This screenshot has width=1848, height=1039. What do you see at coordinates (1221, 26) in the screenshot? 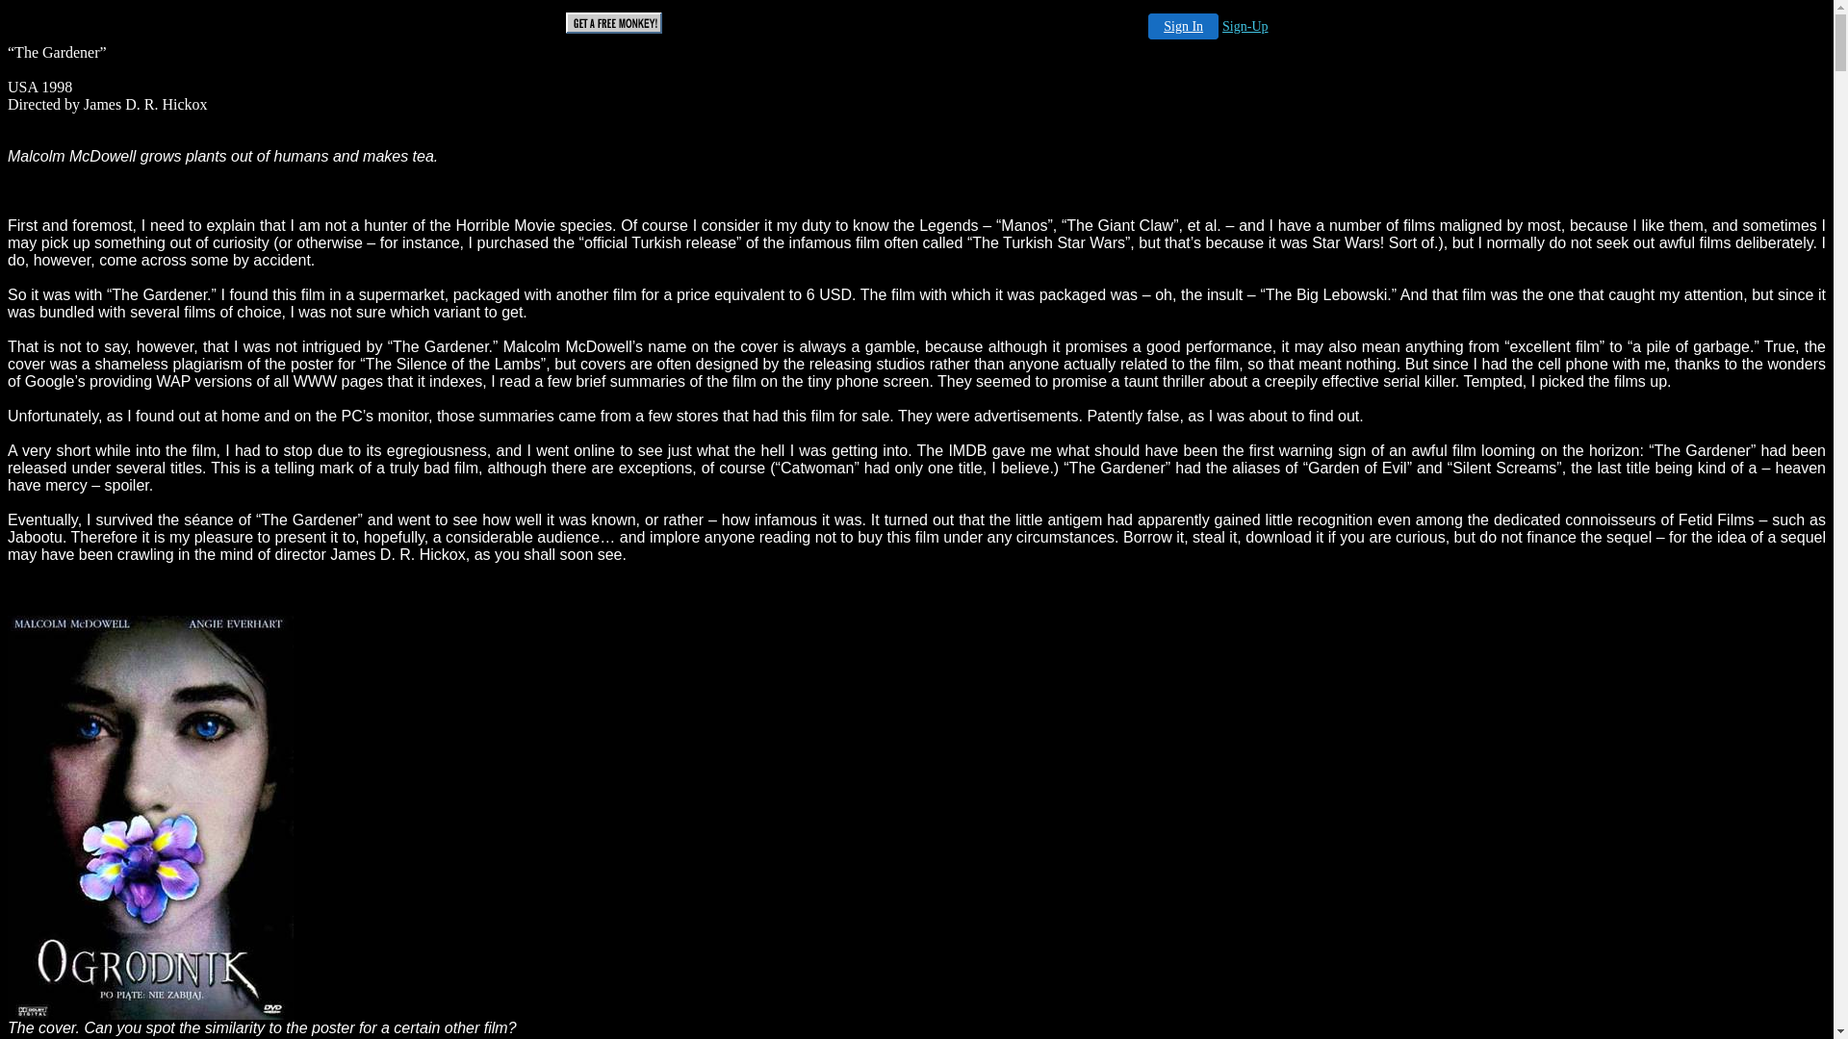
I see `'Sign-Up'` at bounding box center [1221, 26].